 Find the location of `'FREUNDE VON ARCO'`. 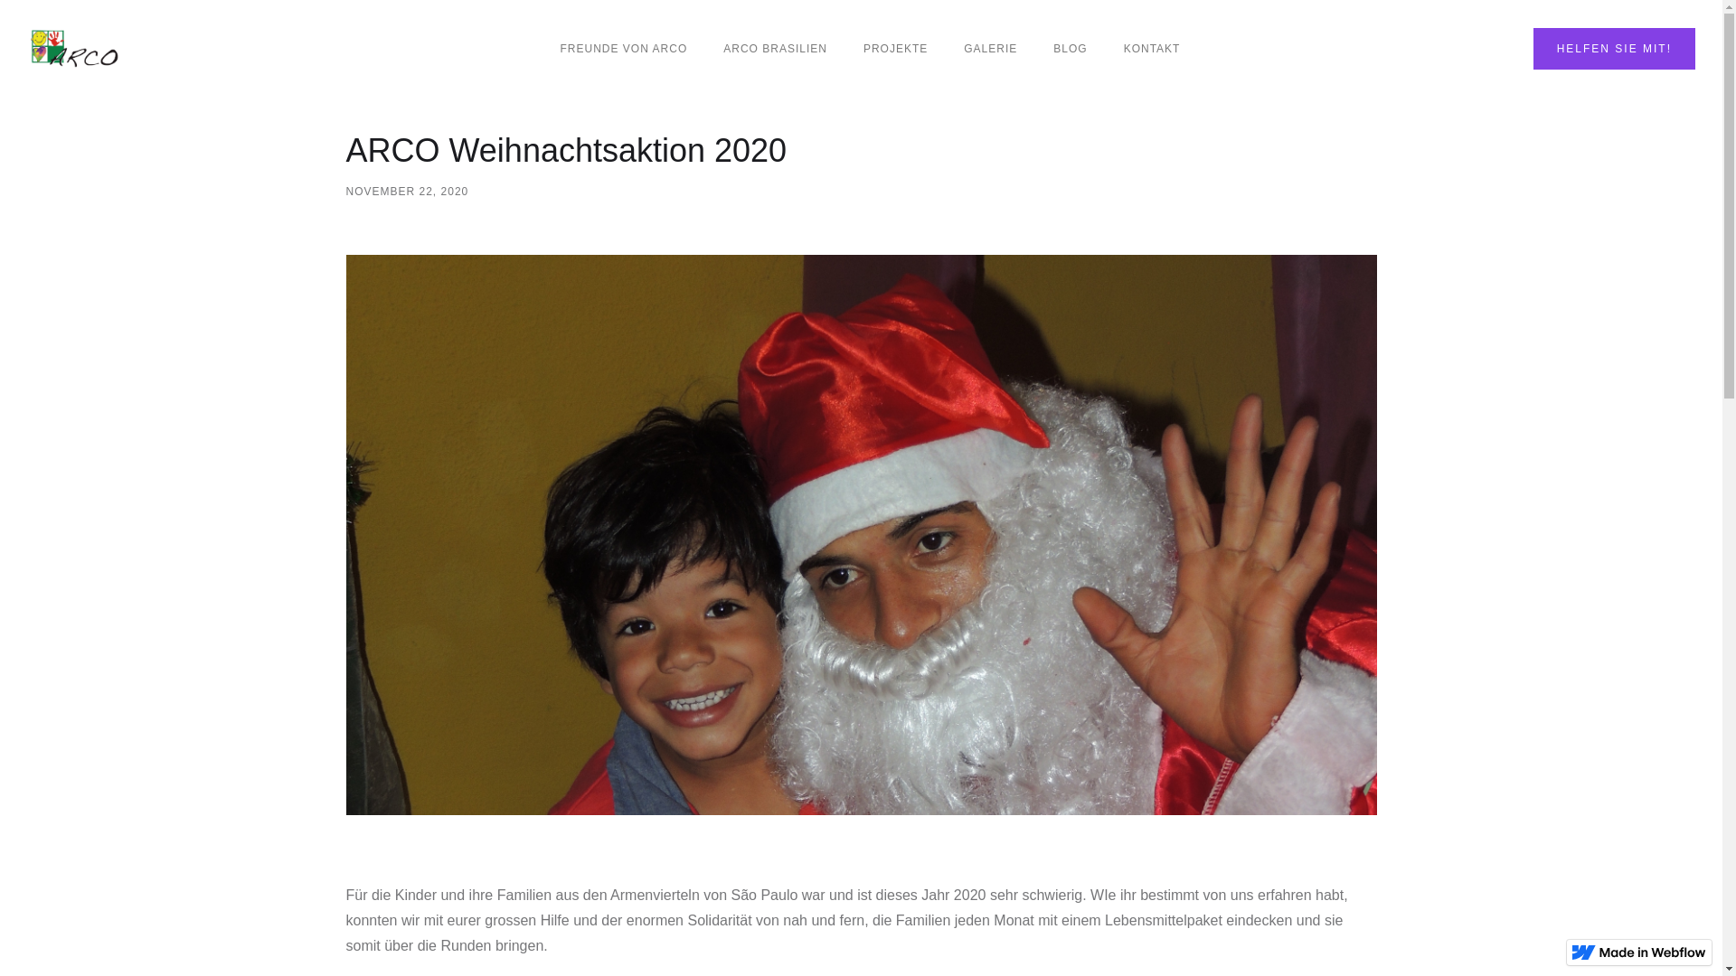

'FREUNDE VON ARCO' is located at coordinates (624, 48).